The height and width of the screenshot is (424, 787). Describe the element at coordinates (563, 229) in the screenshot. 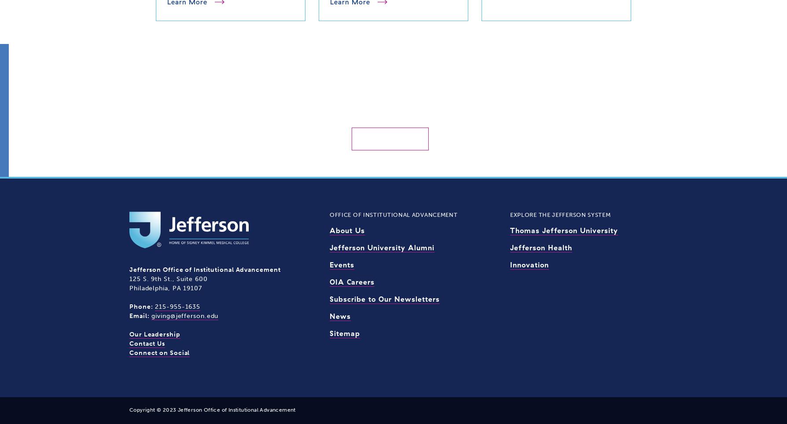

I see `'Thomas Jefferson University'` at that location.